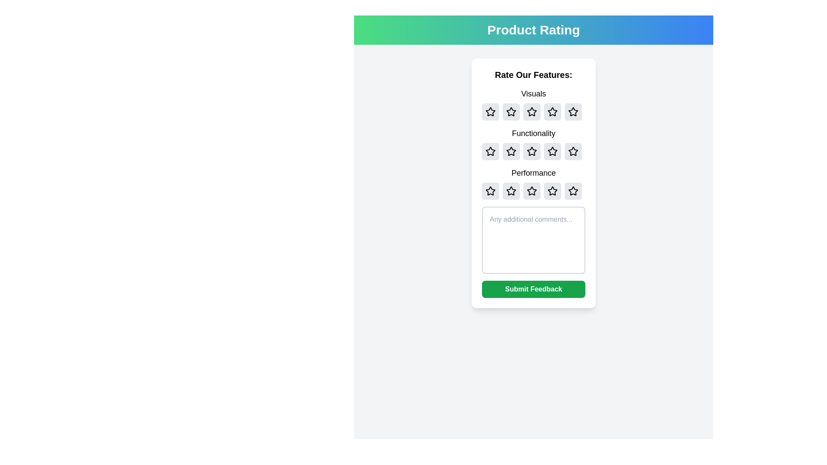  I want to click on the third star from the left in the second row of the star rating system under the 'Functionality' category, so click(552, 151).